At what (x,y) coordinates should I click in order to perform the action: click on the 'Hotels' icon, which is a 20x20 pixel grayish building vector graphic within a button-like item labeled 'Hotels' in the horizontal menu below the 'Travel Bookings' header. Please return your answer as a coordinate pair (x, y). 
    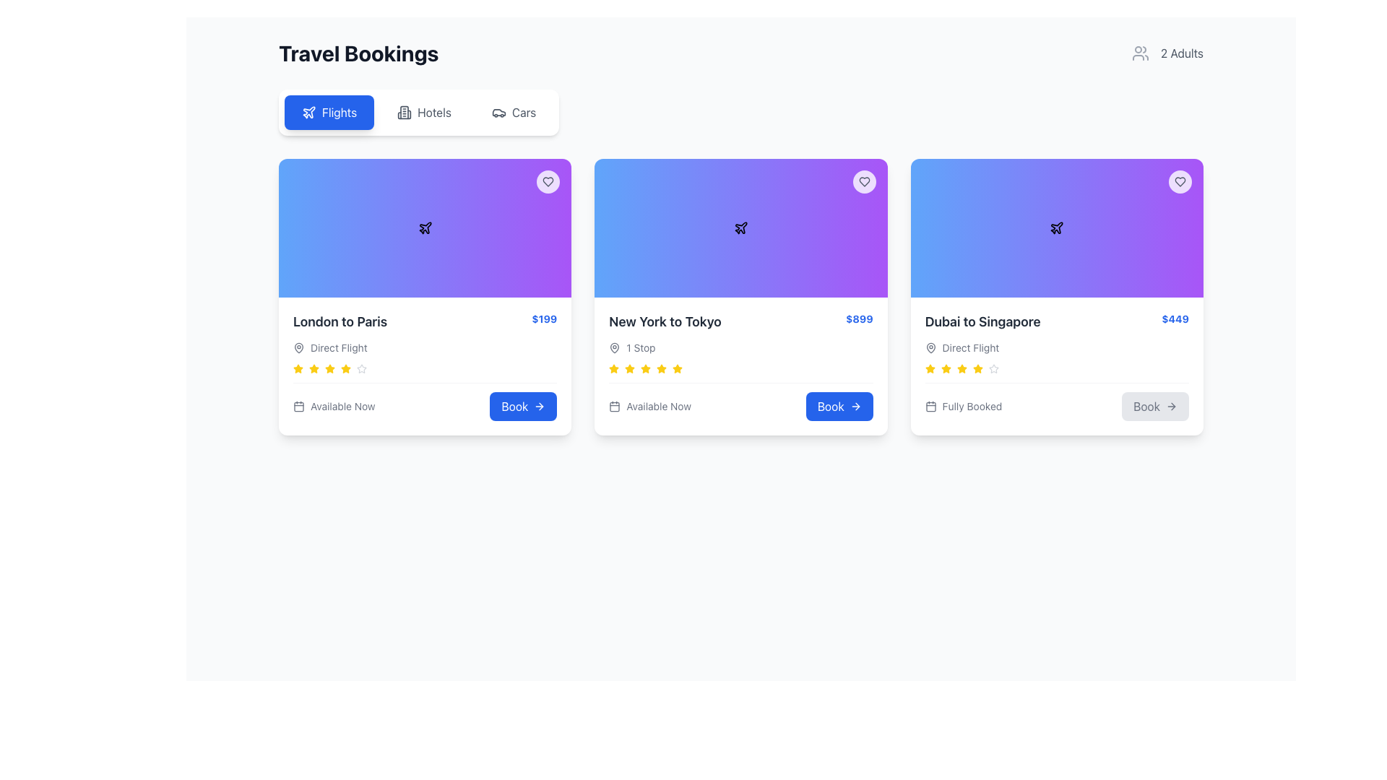
    Looking at the image, I should click on (405, 111).